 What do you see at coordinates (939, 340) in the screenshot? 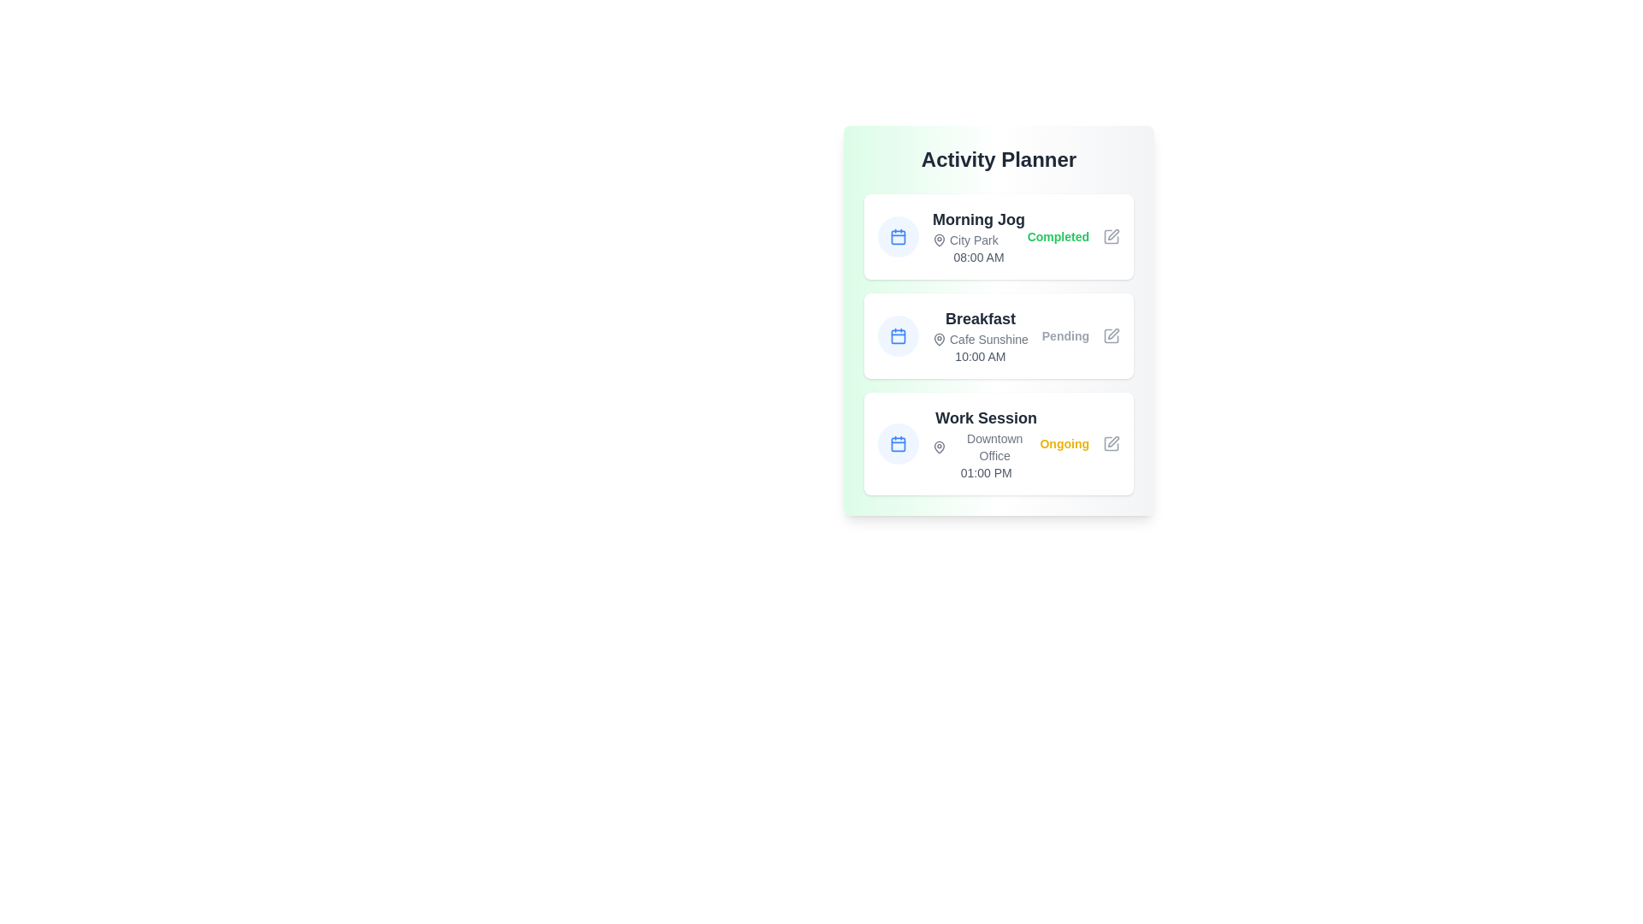
I see `the location indicator icon for 'Cafe Sunshine' in the second card of the 'Activity Planner' interface` at bounding box center [939, 340].